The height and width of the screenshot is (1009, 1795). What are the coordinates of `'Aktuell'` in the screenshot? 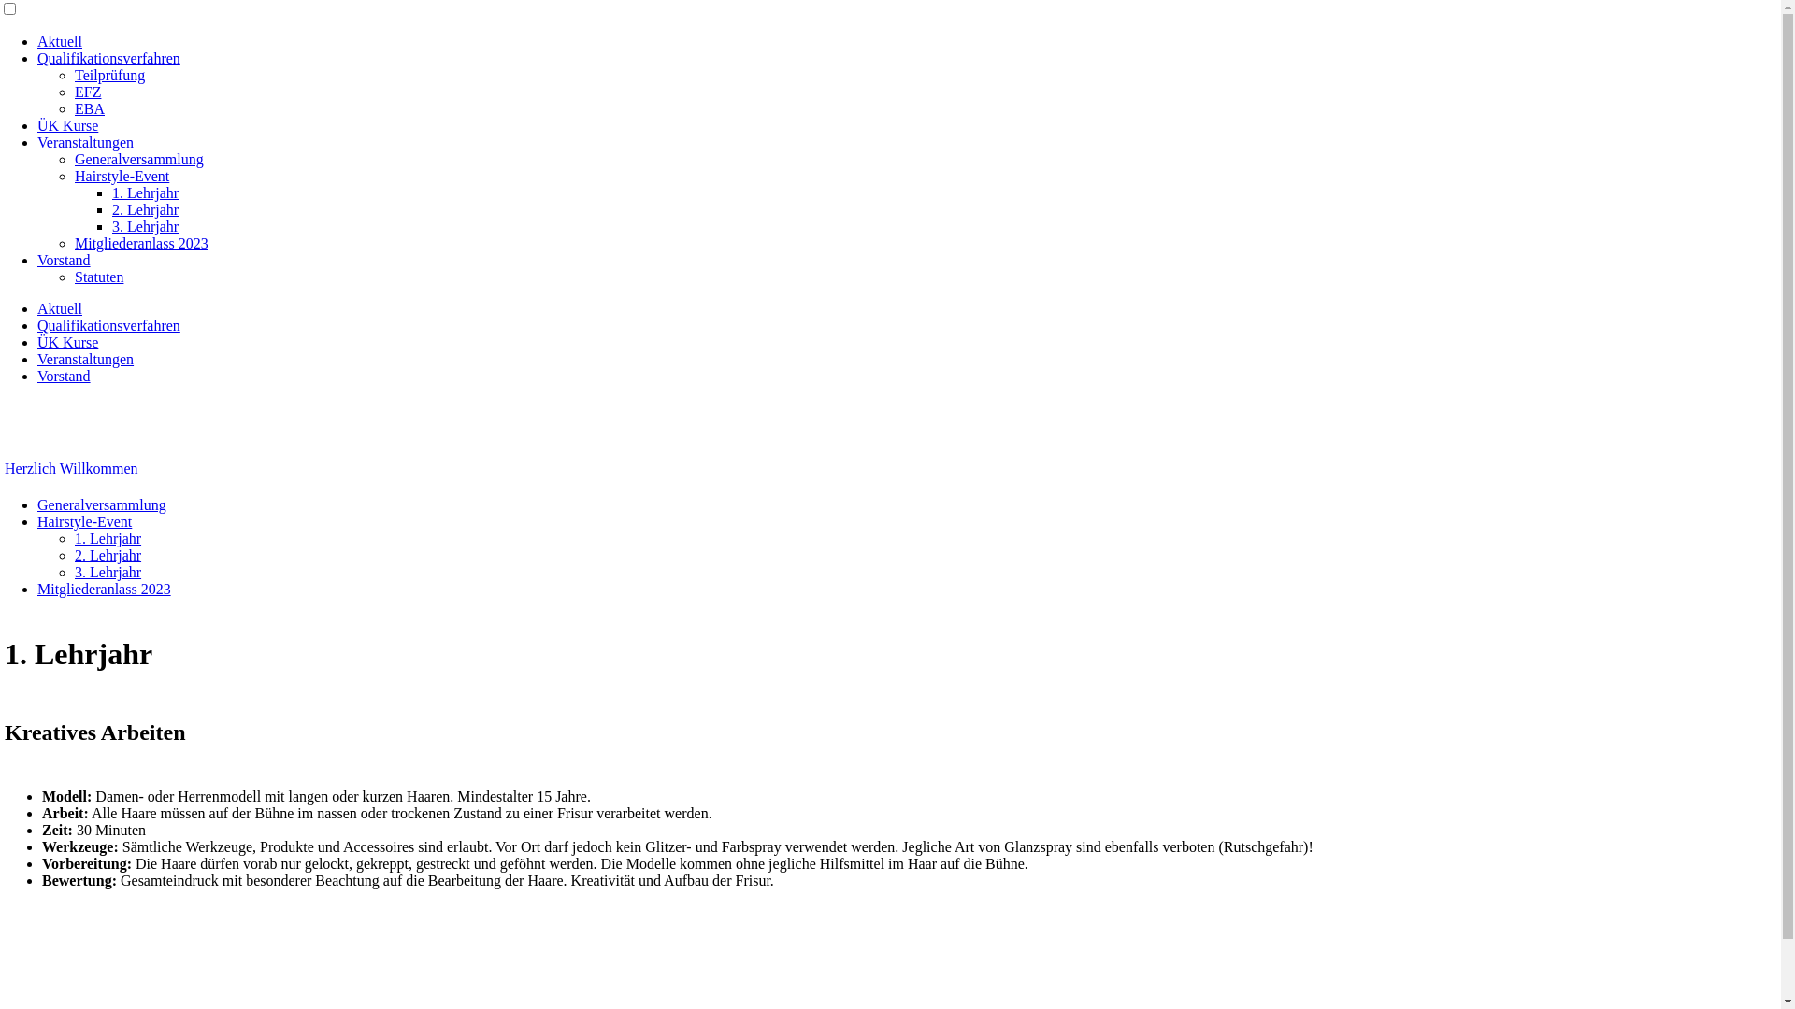 It's located at (59, 307).